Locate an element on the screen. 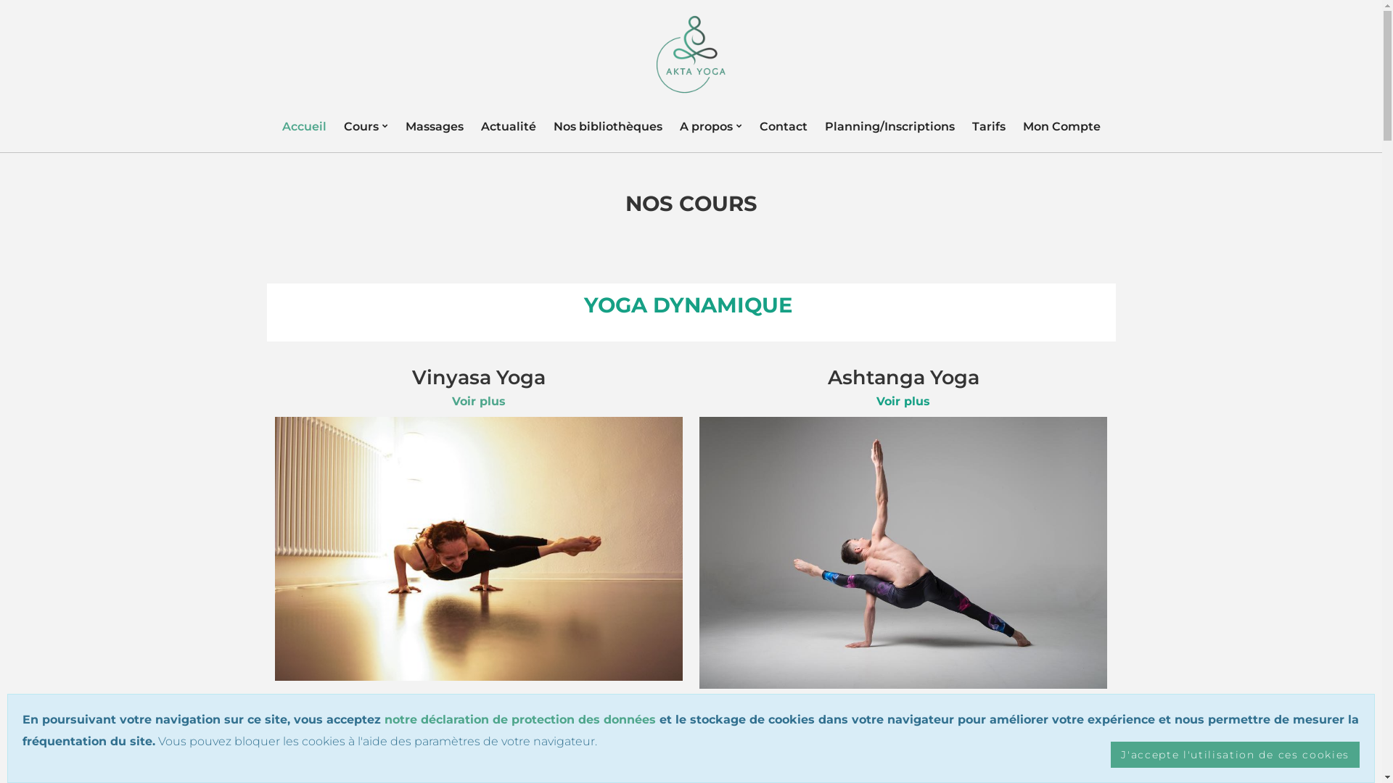 Image resolution: width=1393 pixels, height=783 pixels. 'Voir plus' is located at coordinates (479, 761).